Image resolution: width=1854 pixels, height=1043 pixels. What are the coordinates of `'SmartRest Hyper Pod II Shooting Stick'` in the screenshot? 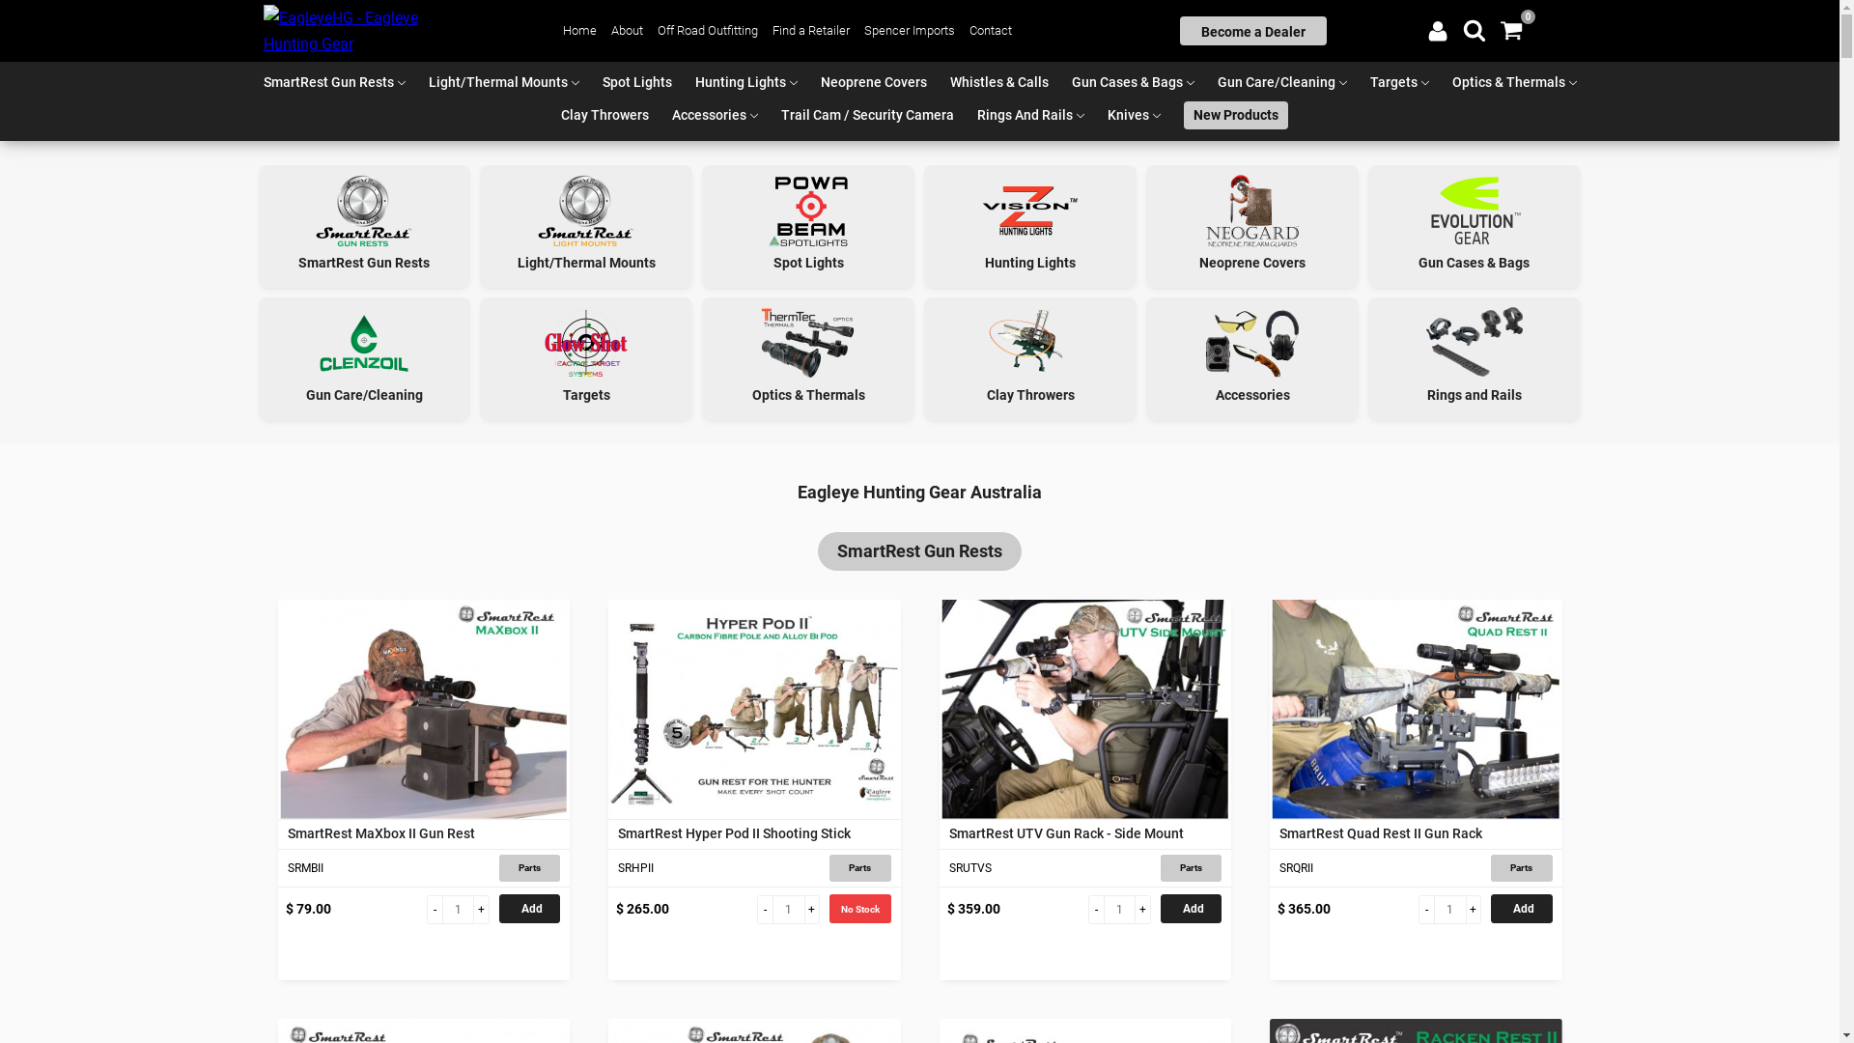 It's located at (753, 709).